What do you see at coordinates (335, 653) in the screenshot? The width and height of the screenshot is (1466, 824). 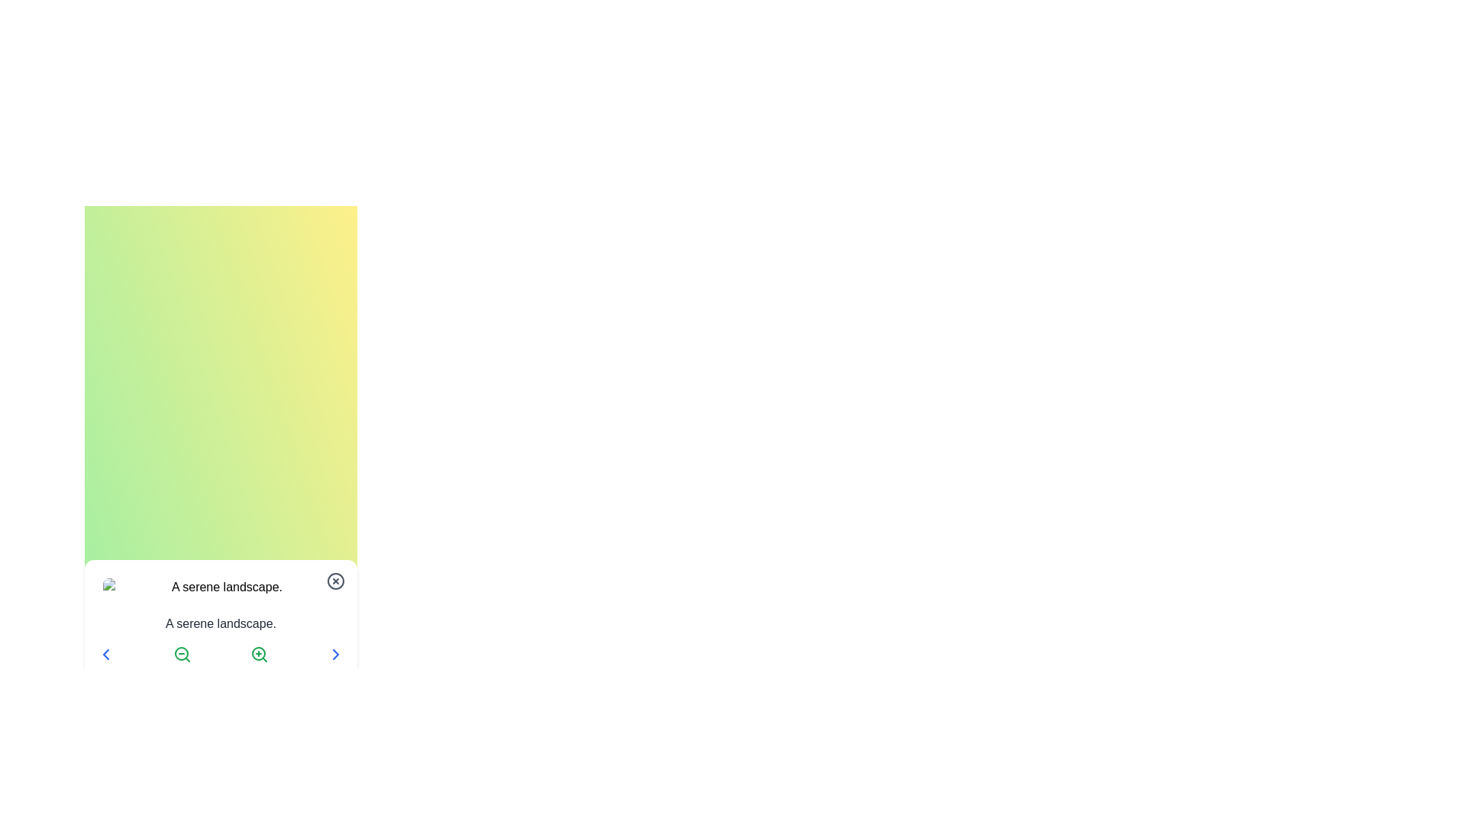 I see `the interactive icon located at the bottom right corner of the interface` at bounding box center [335, 653].